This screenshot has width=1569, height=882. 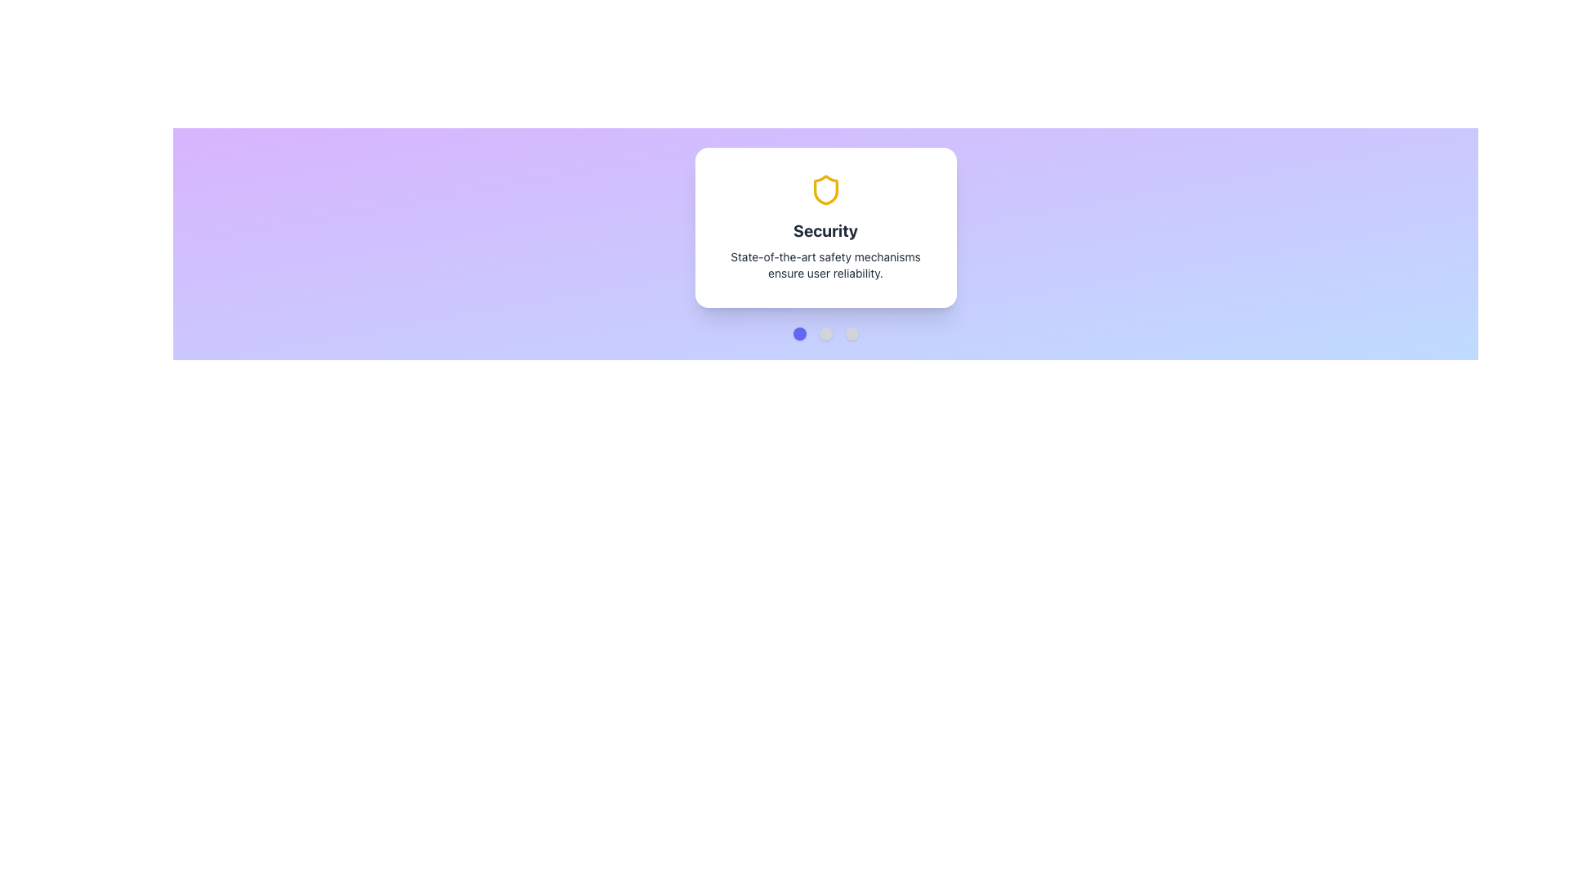 I want to click on the middle interactive circular button, which is light gray in color and located centrally below the 'Security' card, so click(x=825, y=332).